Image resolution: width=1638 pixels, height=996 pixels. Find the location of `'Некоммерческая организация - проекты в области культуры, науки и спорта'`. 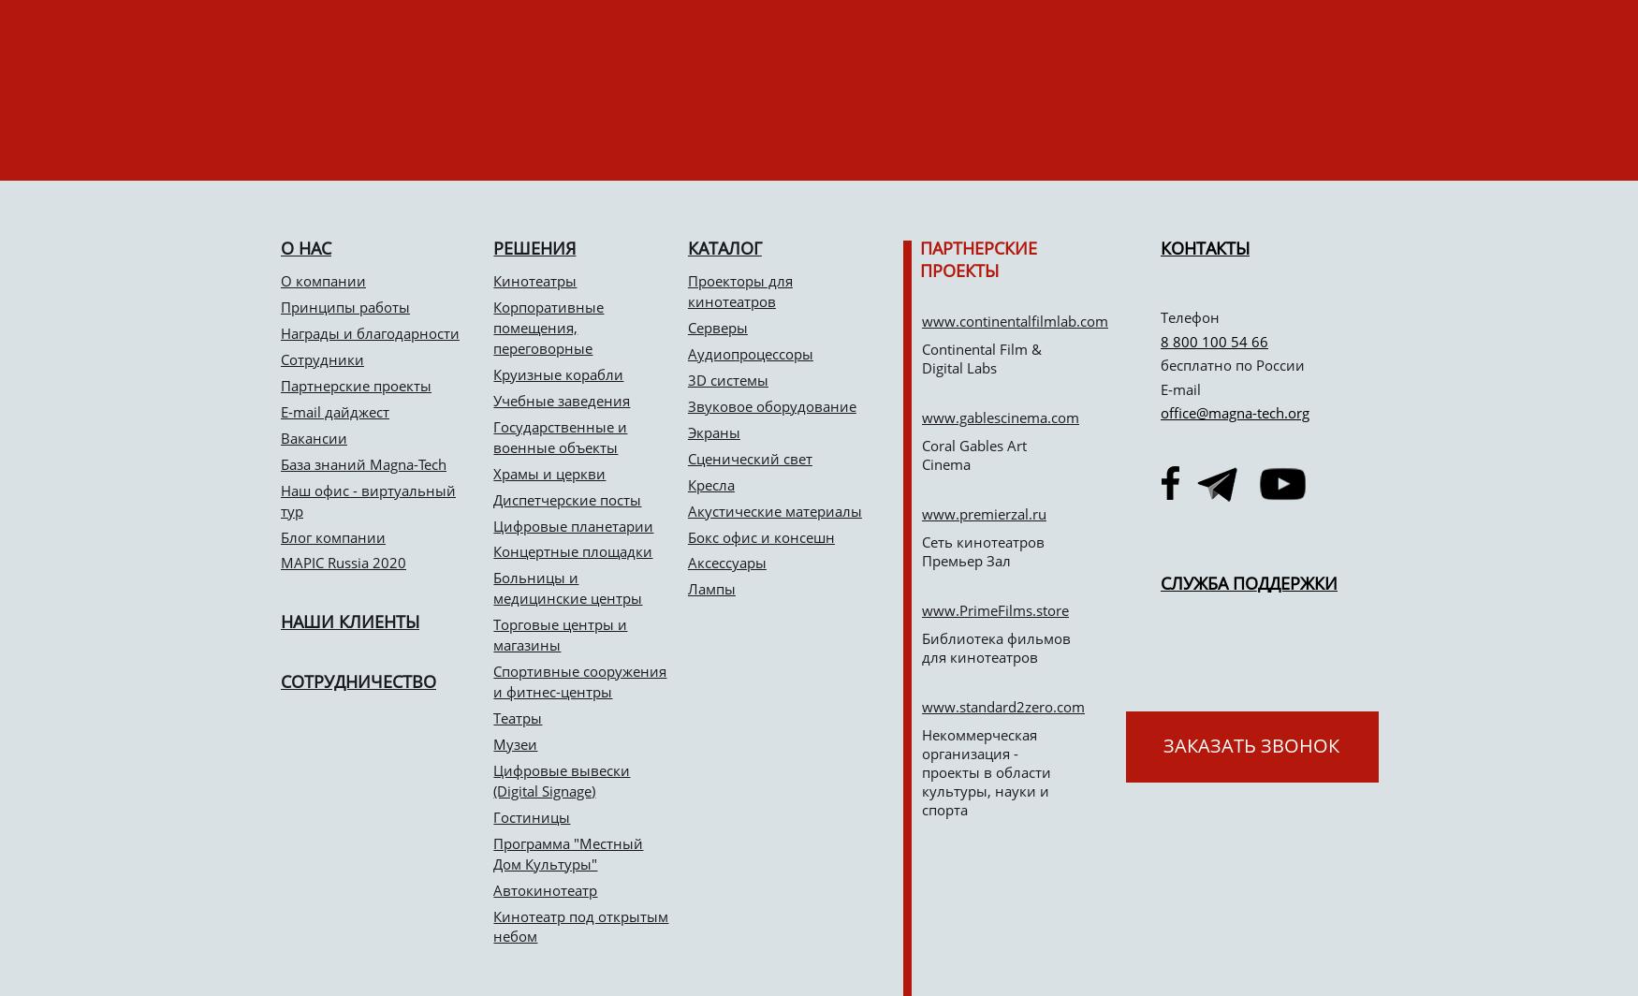

'Некоммерческая организация - проекты в области культуры, науки и спорта' is located at coordinates (986, 772).